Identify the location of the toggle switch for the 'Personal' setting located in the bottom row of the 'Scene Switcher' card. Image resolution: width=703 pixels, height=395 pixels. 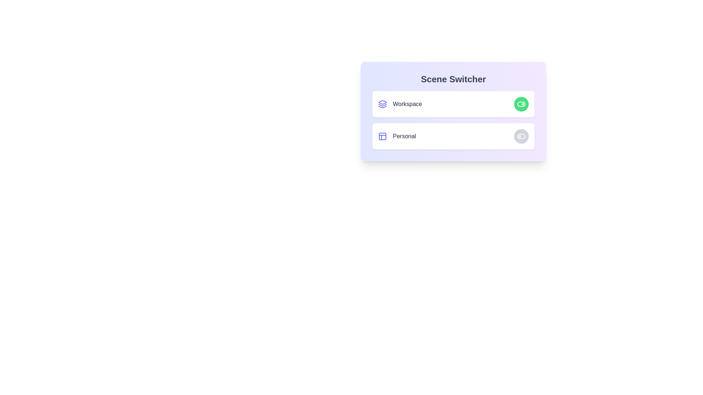
(521, 136).